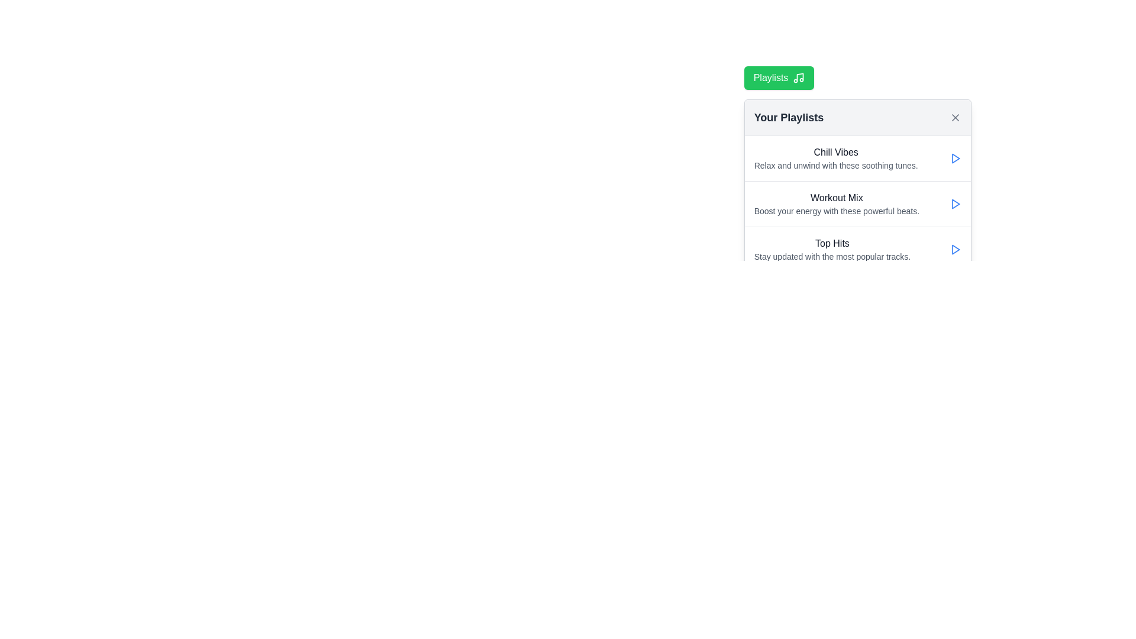 This screenshot has height=639, width=1136. I want to click on the 'Workout Mix' clickable playlist option located in the right-side card, below 'Chill Vibes' and above 'Top Hits', so click(836, 203).